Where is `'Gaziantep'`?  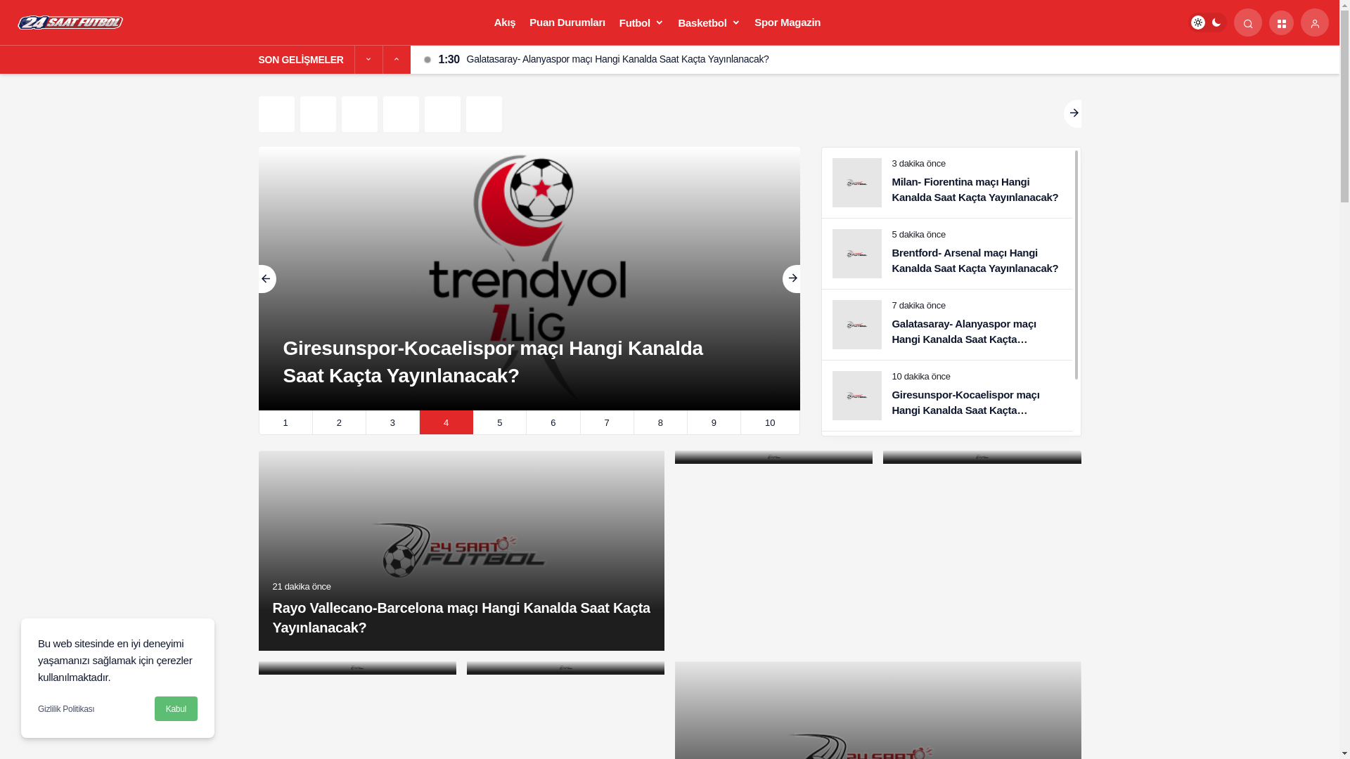 'Gaziantep' is located at coordinates (299, 113).